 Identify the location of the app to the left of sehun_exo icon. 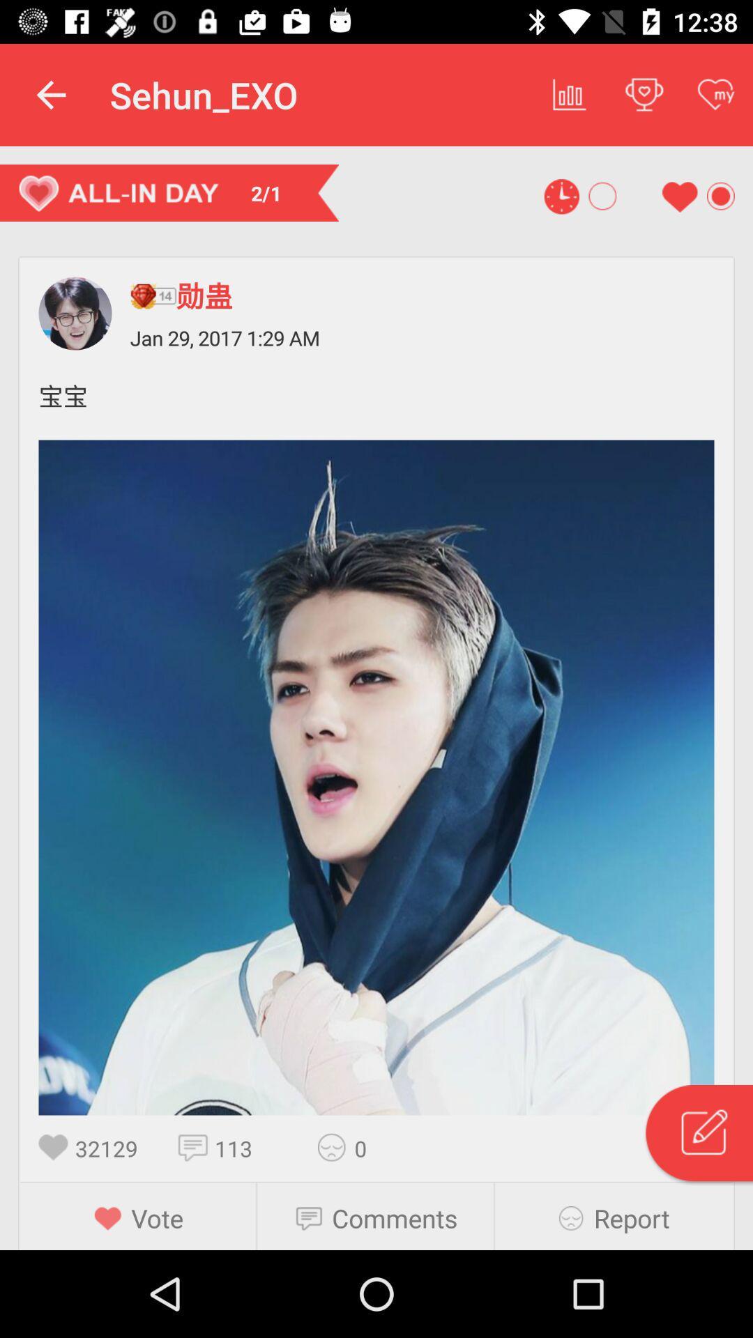
(50, 94).